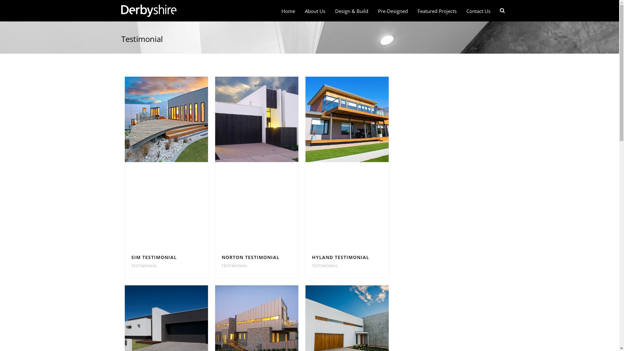 This screenshot has width=624, height=351. What do you see at coordinates (148, 11) in the screenshot?
I see `'Architecturally design and builder of luxury homes'` at bounding box center [148, 11].